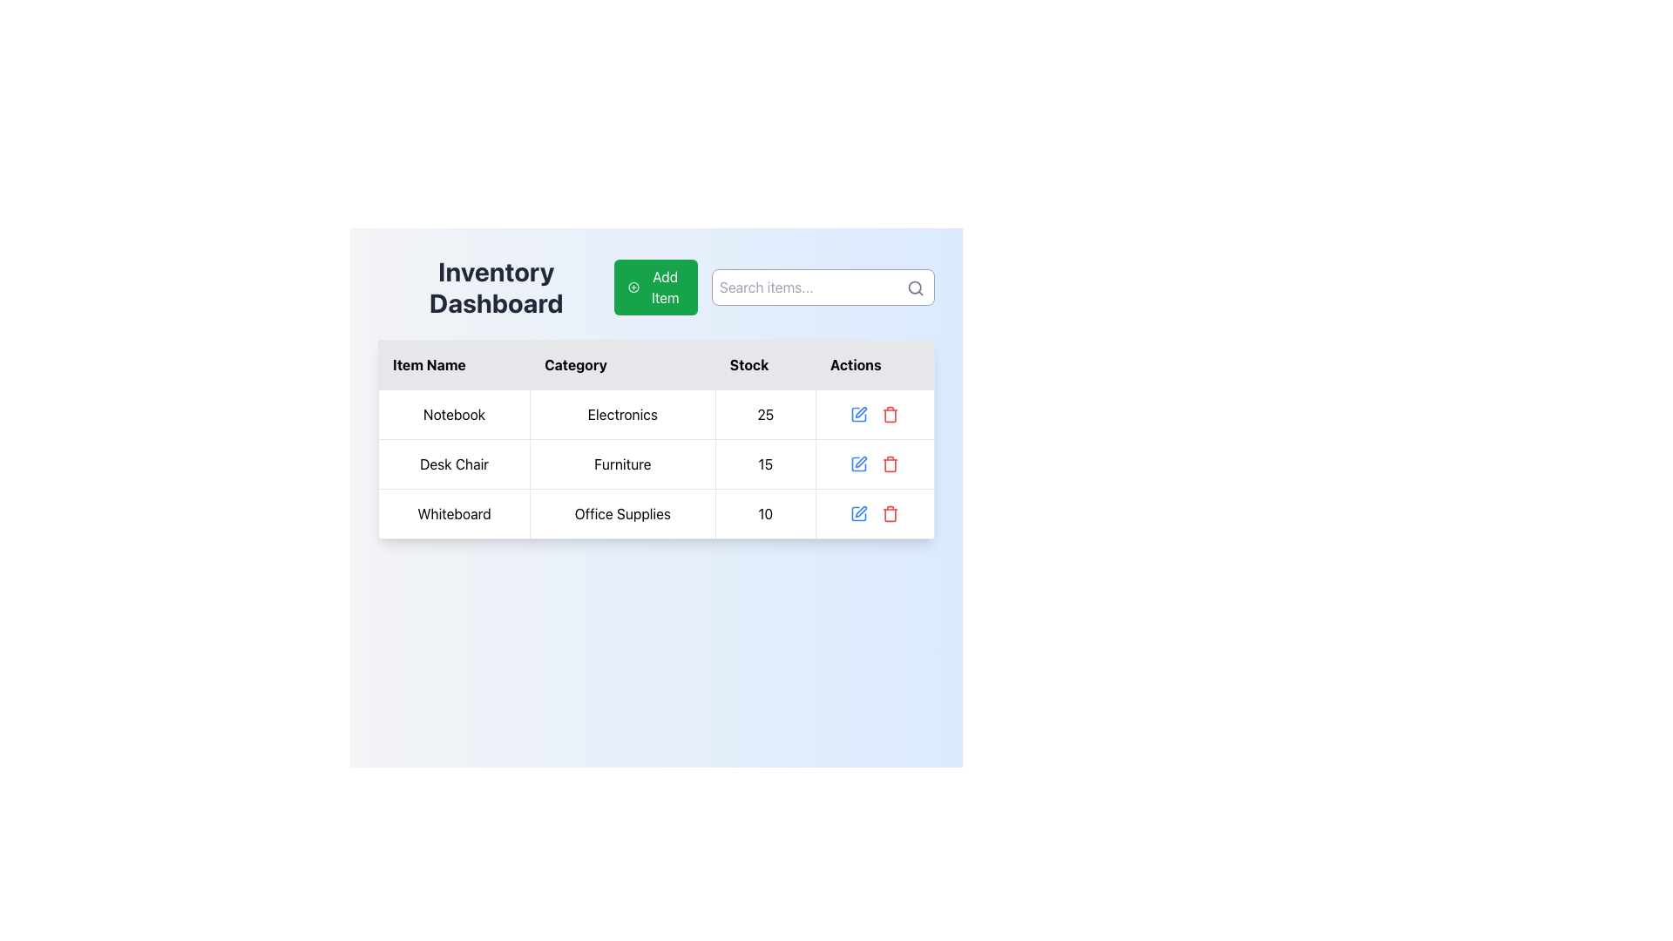 This screenshot has width=1673, height=941. I want to click on the table row containing 'Desk Chair', which is the second row in the inventory dashboard table, displaying columns for 'Item Name', 'Category', 'Stock', and 'Actions', so click(655, 463).